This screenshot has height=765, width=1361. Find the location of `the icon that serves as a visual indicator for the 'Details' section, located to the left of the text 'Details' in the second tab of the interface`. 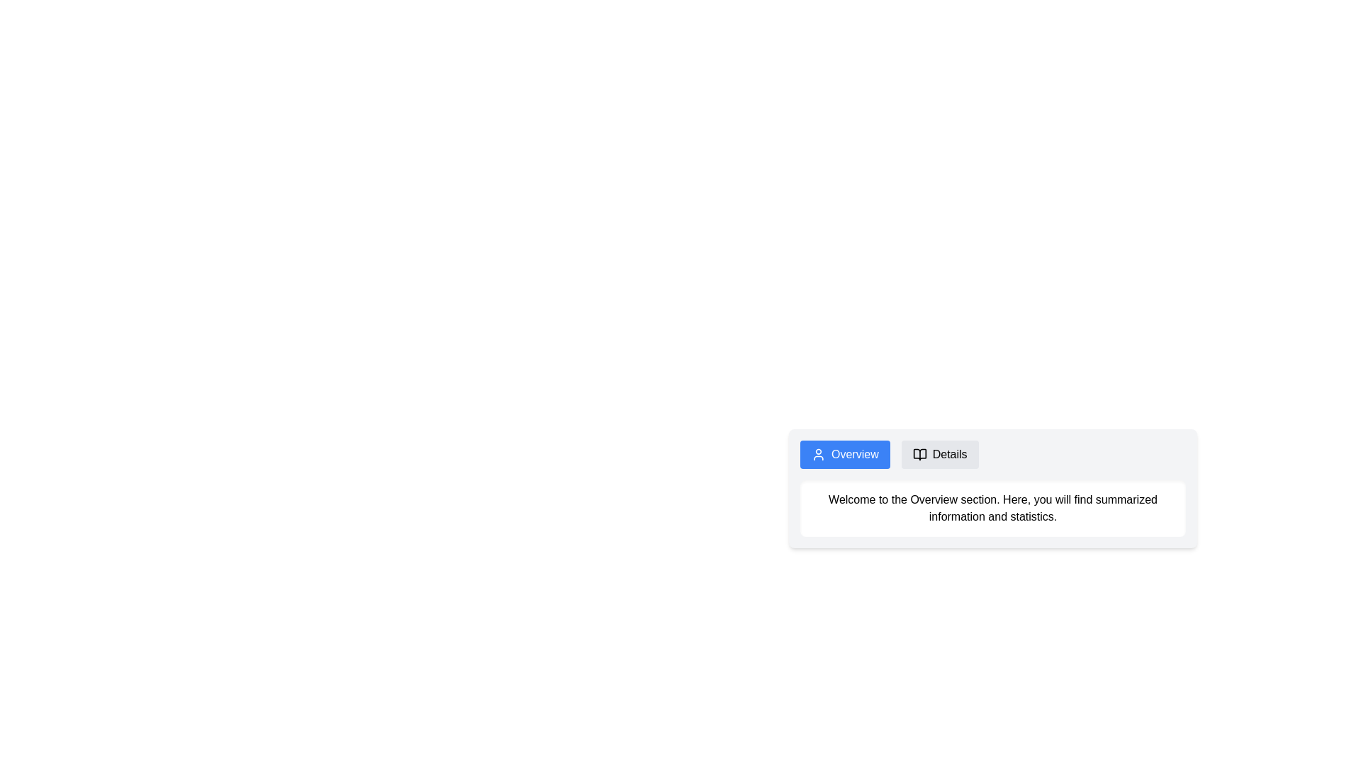

the icon that serves as a visual indicator for the 'Details' section, located to the left of the text 'Details' in the second tab of the interface is located at coordinates (919, 454).